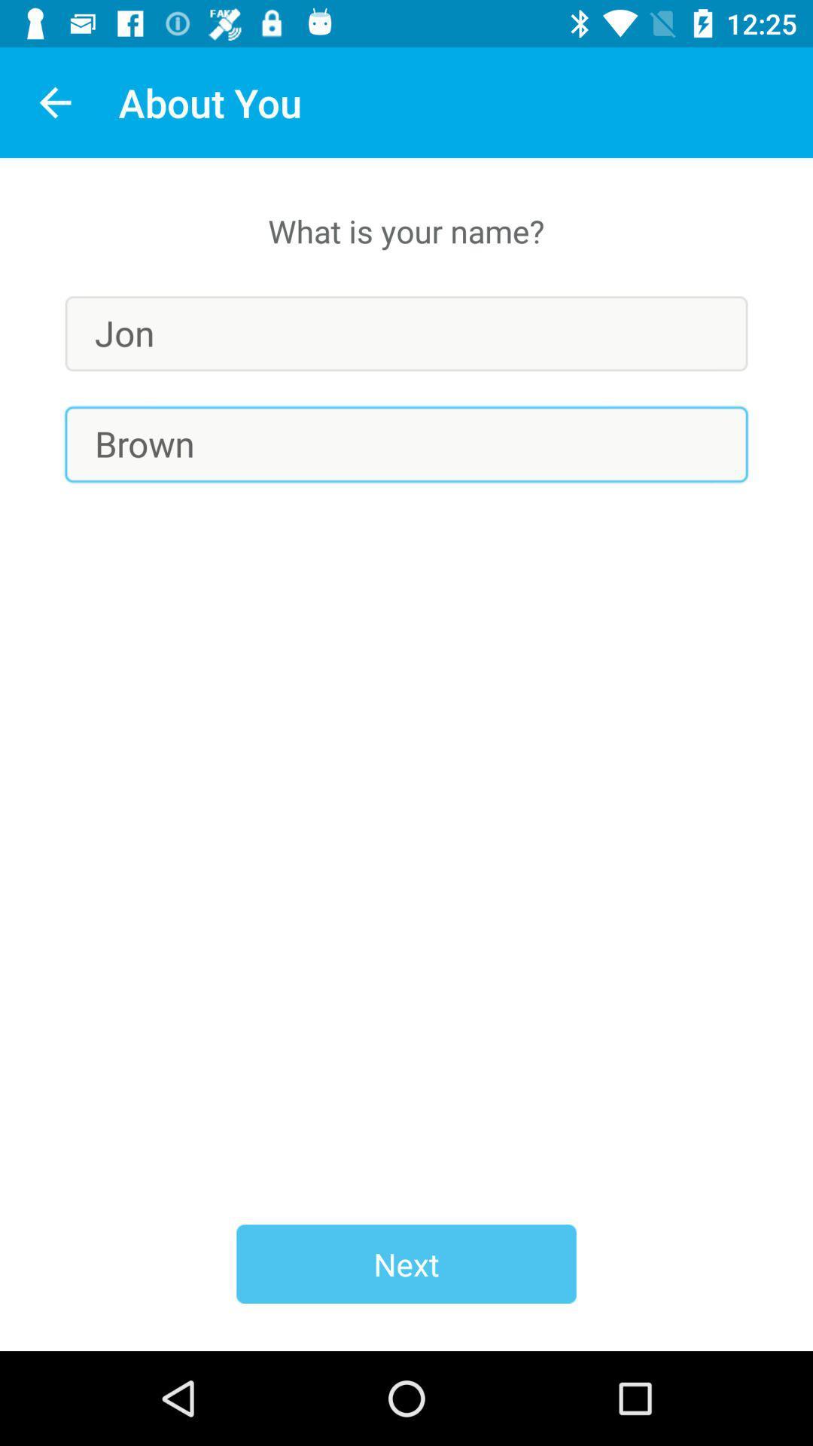  Describe the element at coordinates (406, 444) in the screenshot. I see `item below jon` at that location.